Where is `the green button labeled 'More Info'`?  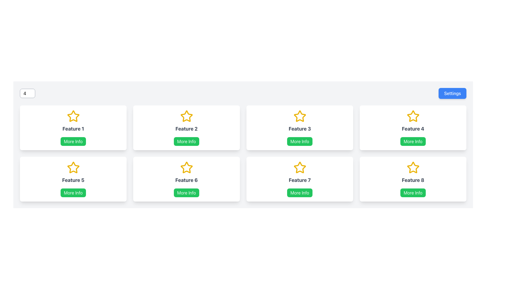
the green button labeled 'More Info' is located at coordinates (73, 141).